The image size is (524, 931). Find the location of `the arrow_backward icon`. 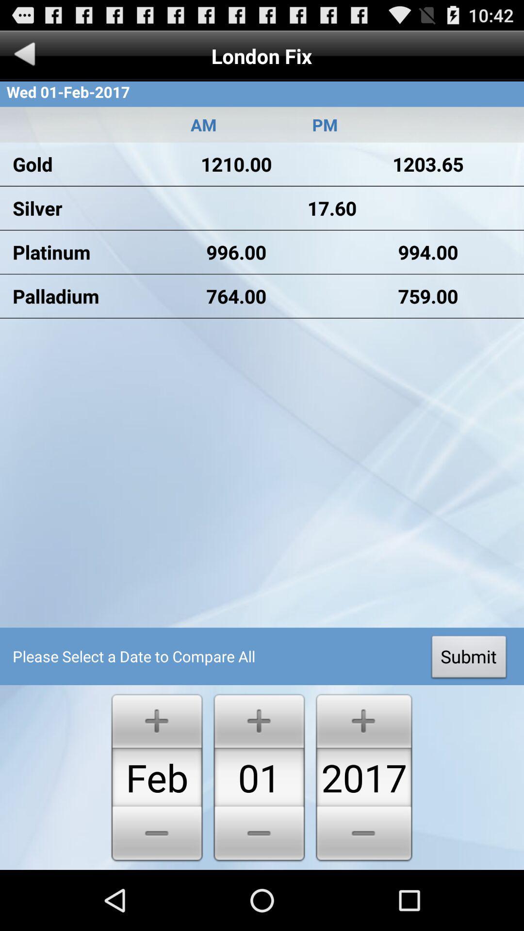

the arrow_backward icon is located at coordinates (24, 59).